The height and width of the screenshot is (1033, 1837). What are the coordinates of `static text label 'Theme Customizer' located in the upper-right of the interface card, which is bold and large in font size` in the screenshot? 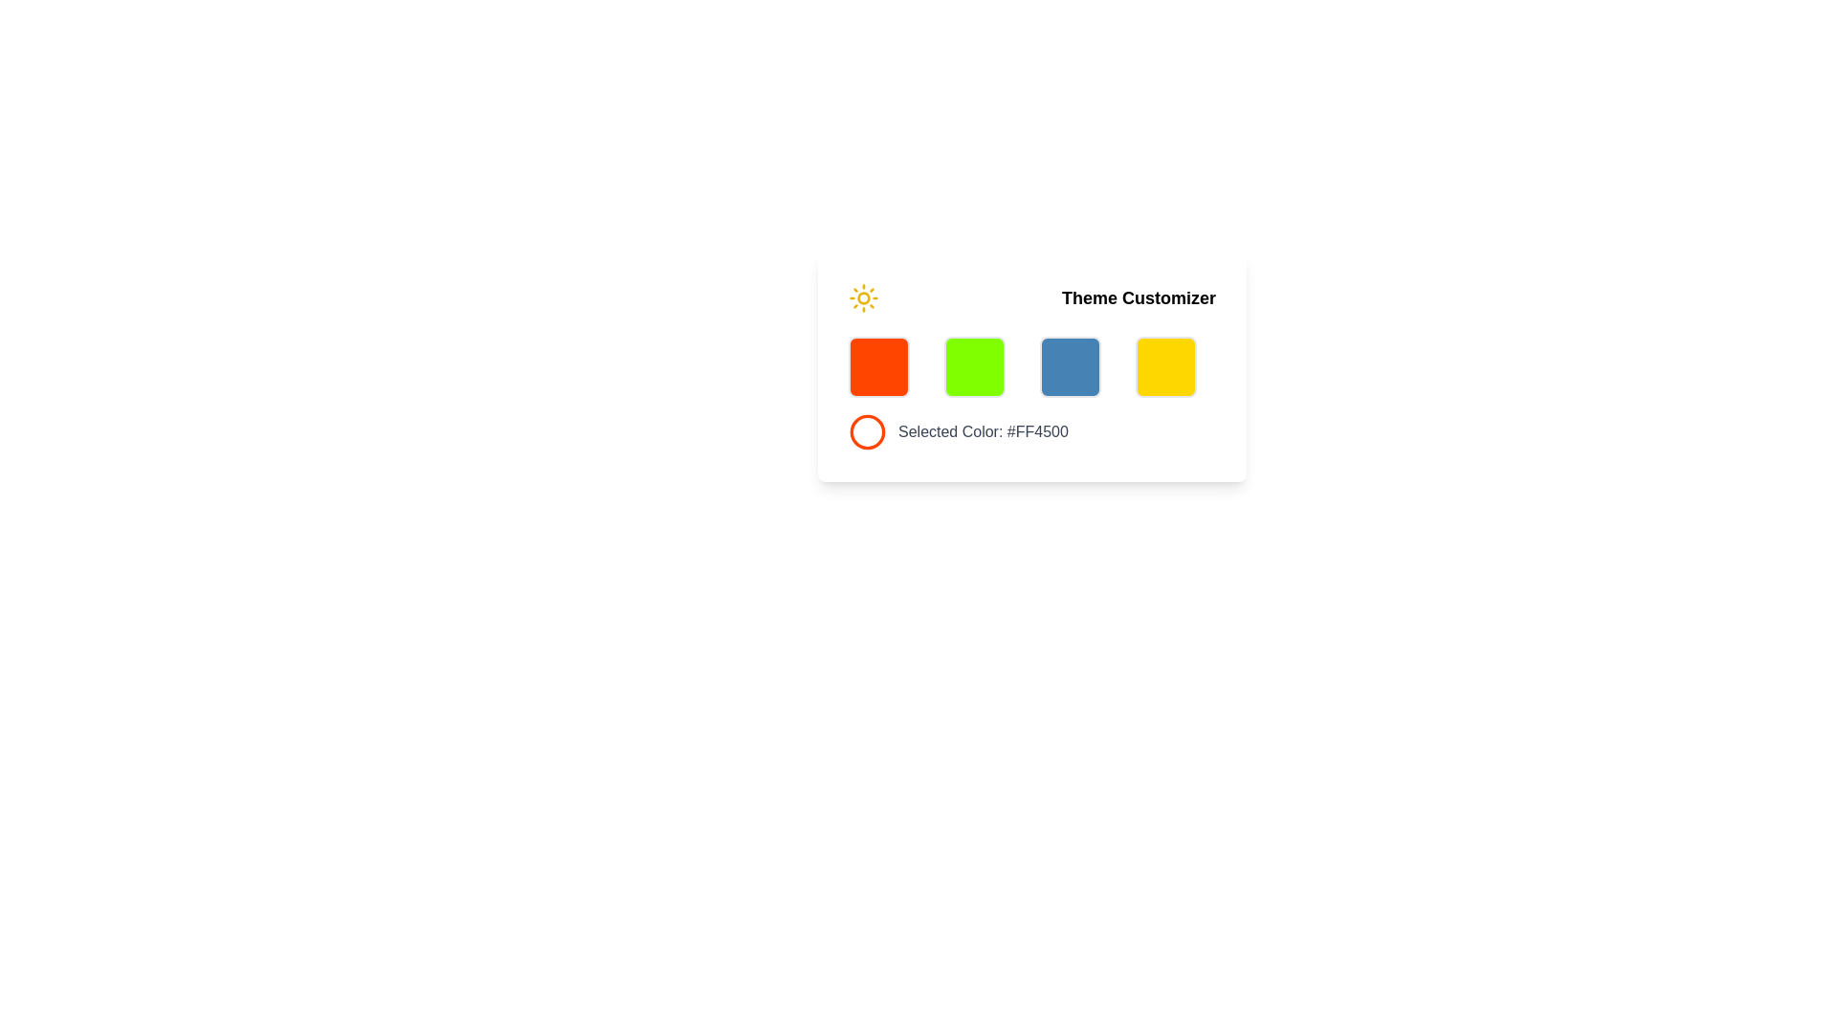 It's located at (1139, 298).